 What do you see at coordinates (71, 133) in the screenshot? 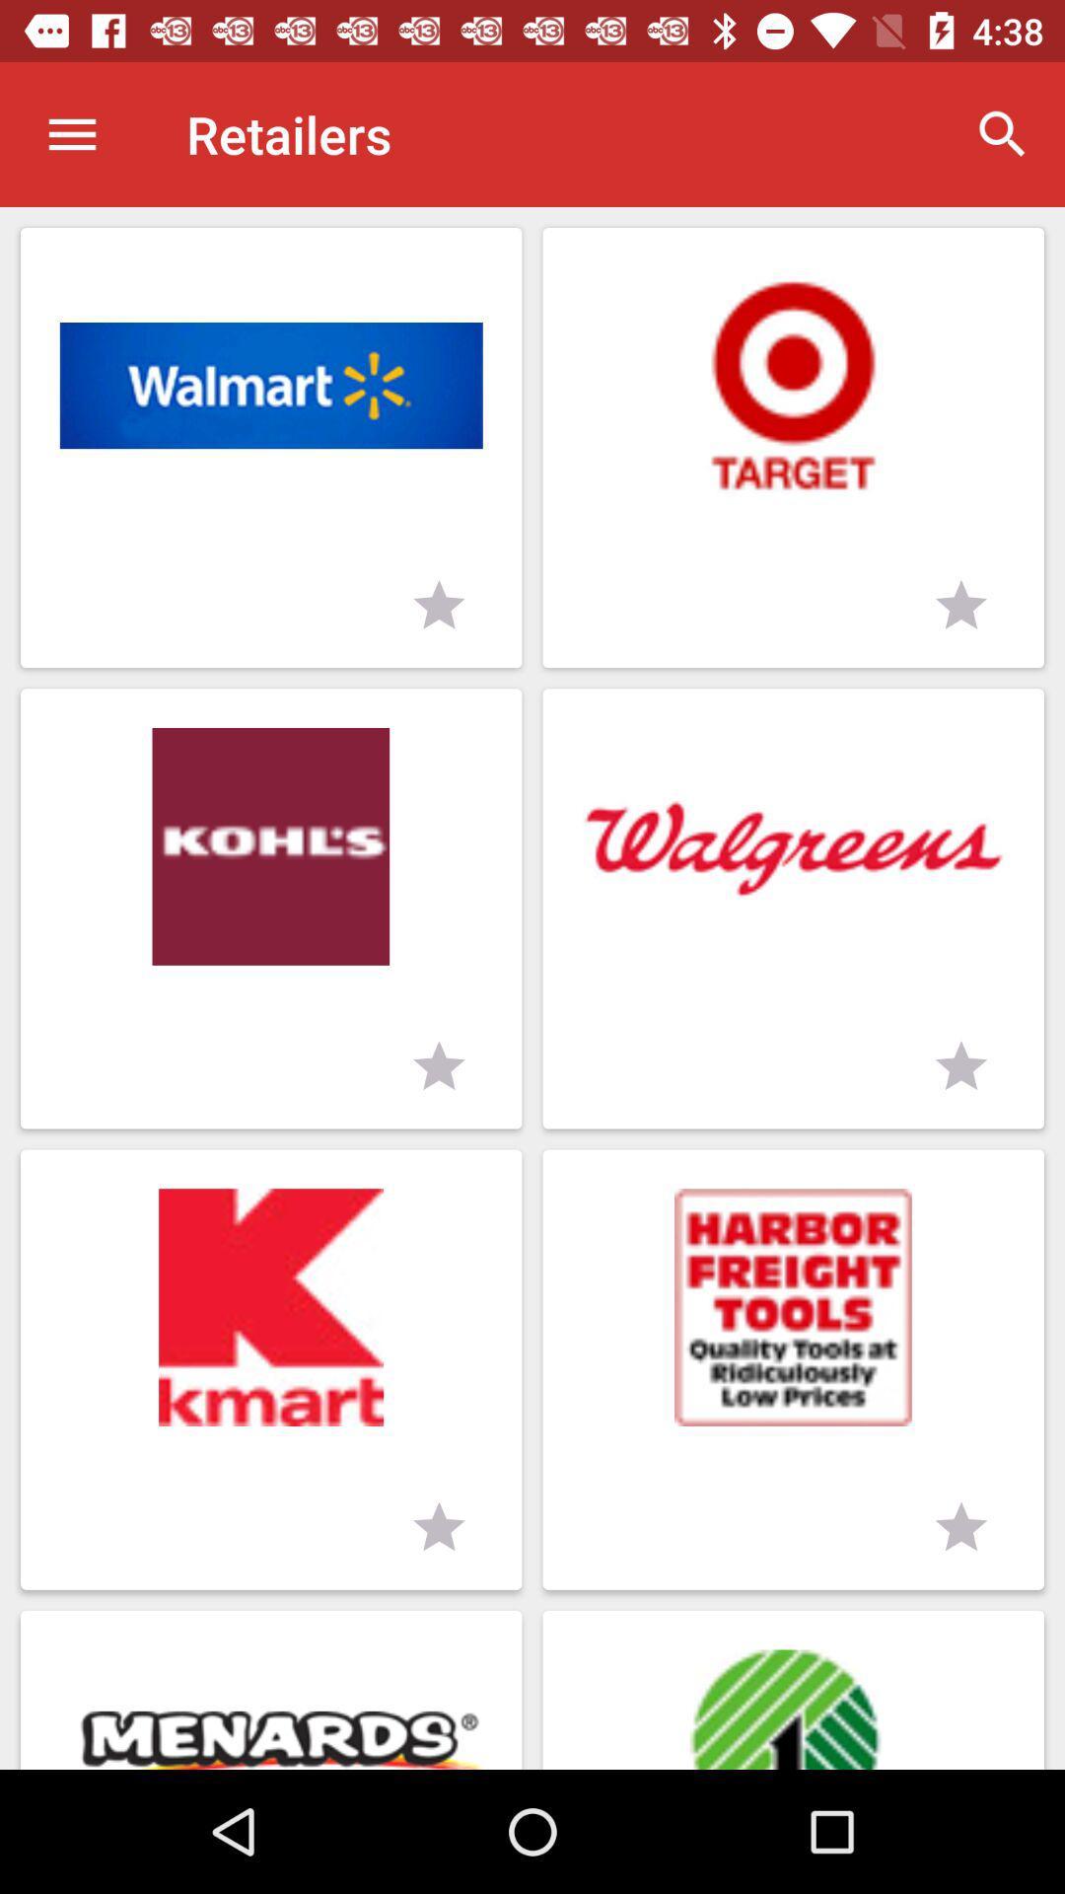
I see `icon to the left of retailers icon` at bounding box center [71, 133].